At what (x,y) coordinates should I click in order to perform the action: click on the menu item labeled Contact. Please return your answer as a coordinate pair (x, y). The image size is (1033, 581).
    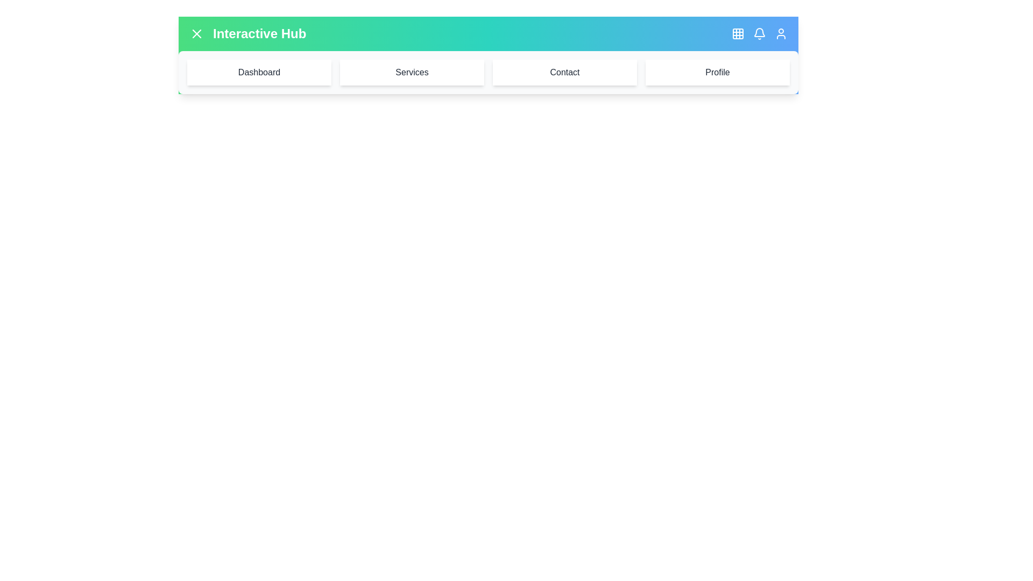
    Looking at the image, I should click on (564, 73).